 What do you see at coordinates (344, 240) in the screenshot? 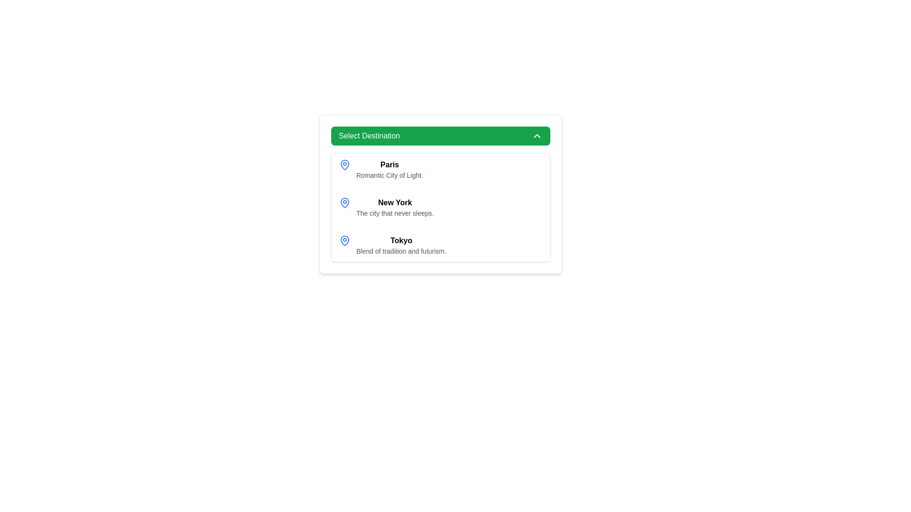
I see `the blue map pin icon located to the left of the text 'TokyoBlending of tradition and futurism.' in the third list item` at bounding box center [344, 240].